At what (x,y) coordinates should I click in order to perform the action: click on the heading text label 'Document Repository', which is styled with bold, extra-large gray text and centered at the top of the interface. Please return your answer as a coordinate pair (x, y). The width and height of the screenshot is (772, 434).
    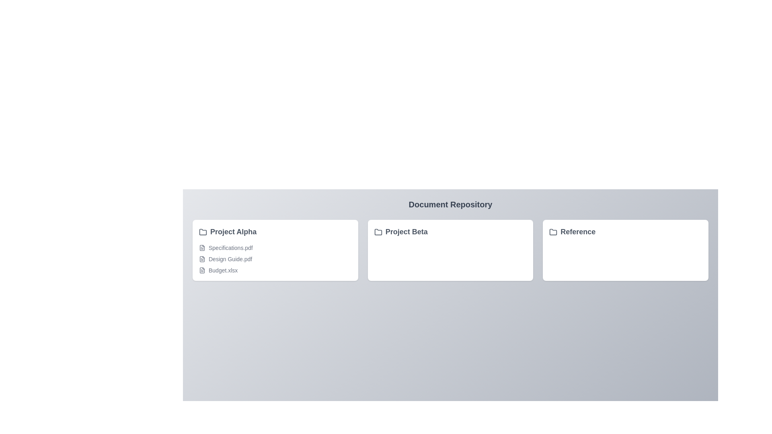
    Looking at the image, I should click on (450, 204).